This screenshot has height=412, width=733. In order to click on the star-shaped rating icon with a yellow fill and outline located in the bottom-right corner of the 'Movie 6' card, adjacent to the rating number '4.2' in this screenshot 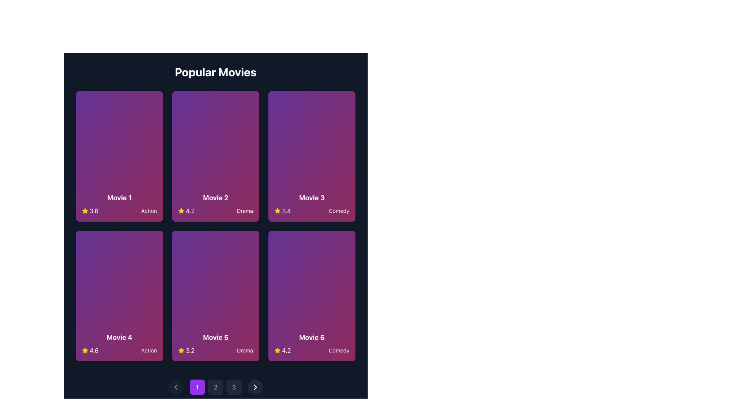, I will do `click(277, 350)`.